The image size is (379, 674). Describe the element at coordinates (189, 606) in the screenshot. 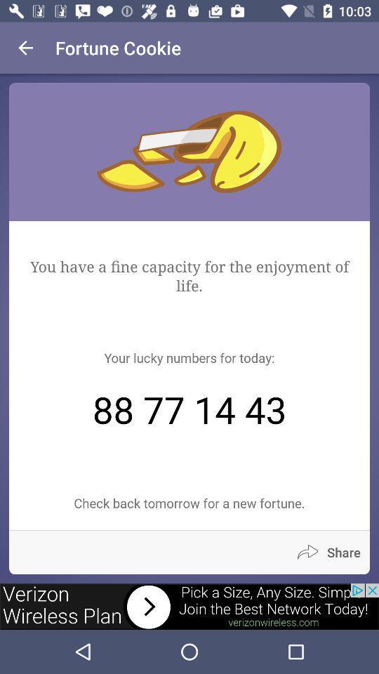

I see `open advertisement` at that location.